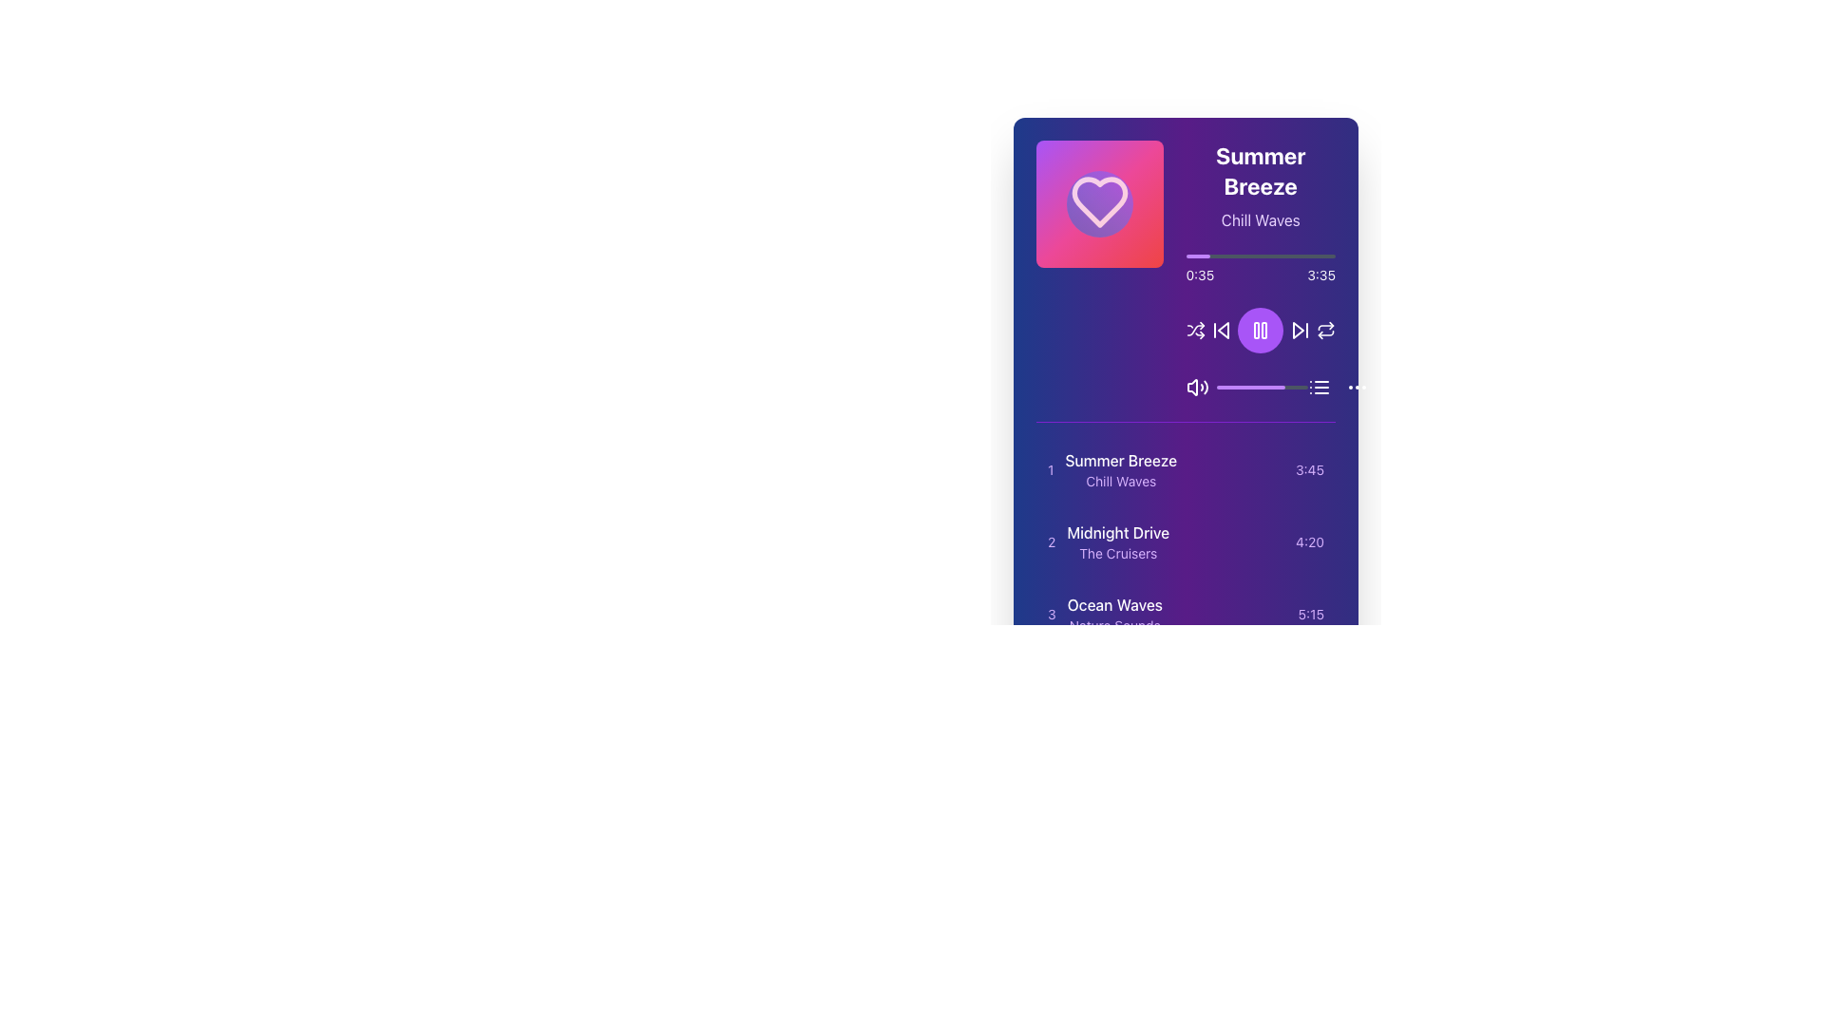  Describe the element at coordinates (1261, 329) in the screenshot. I see `the circular interactive button with a purple background and white pause icon located in the control panel of the music player interface` at that location.